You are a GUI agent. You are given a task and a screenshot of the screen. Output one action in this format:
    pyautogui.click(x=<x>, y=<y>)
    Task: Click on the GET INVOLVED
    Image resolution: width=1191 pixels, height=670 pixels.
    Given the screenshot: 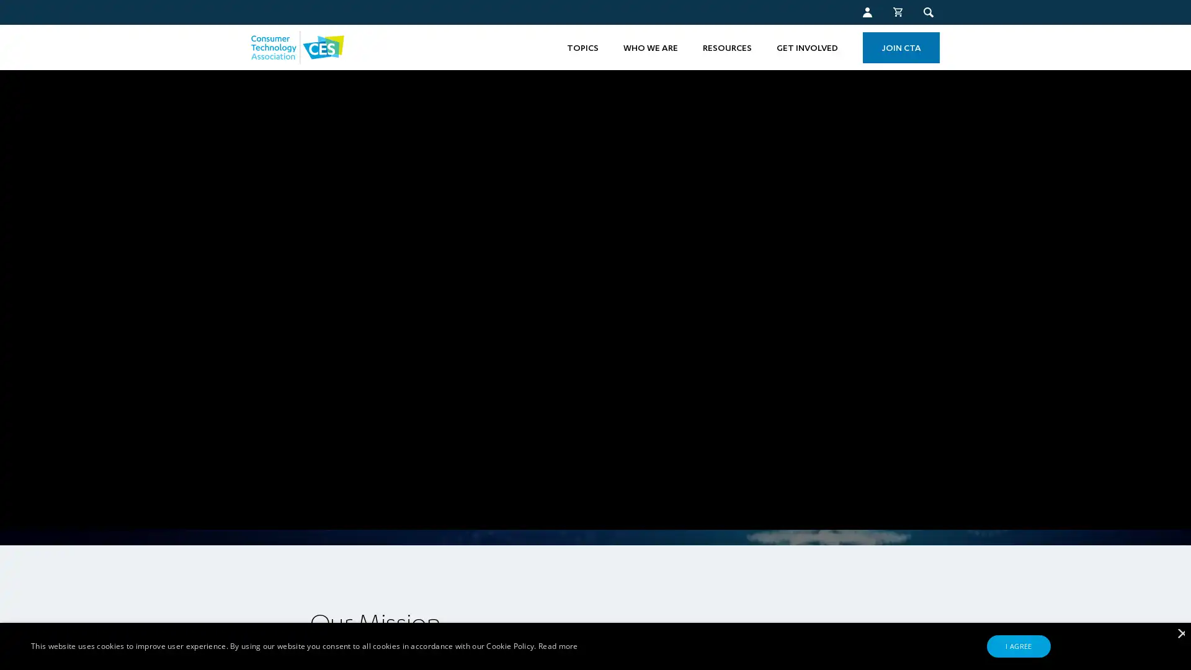 What is the action you would take?
    pyautogui.click(x=807, y=47)
    